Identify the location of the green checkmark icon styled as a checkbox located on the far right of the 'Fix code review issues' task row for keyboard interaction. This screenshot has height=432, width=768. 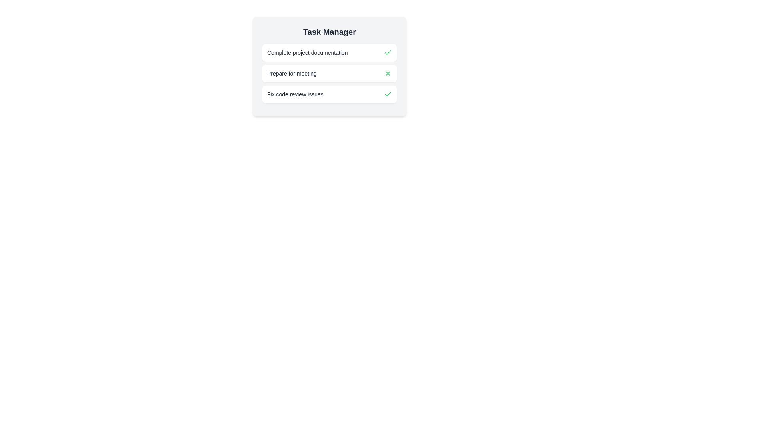
(388, 94).